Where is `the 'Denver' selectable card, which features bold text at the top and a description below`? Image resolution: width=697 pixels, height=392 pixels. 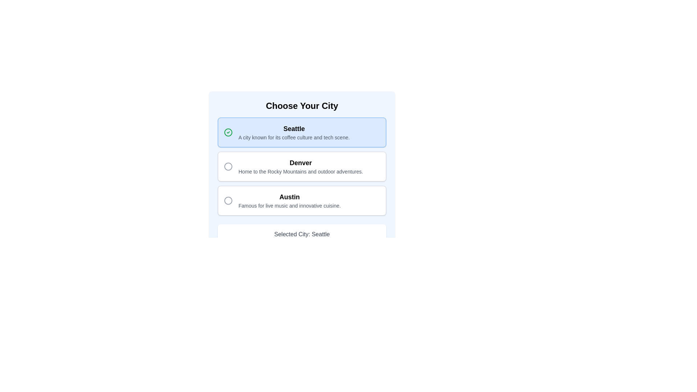 the 'Denver' selectable card, which features bold text at the top and a description below is located at coordinates (302, 167).